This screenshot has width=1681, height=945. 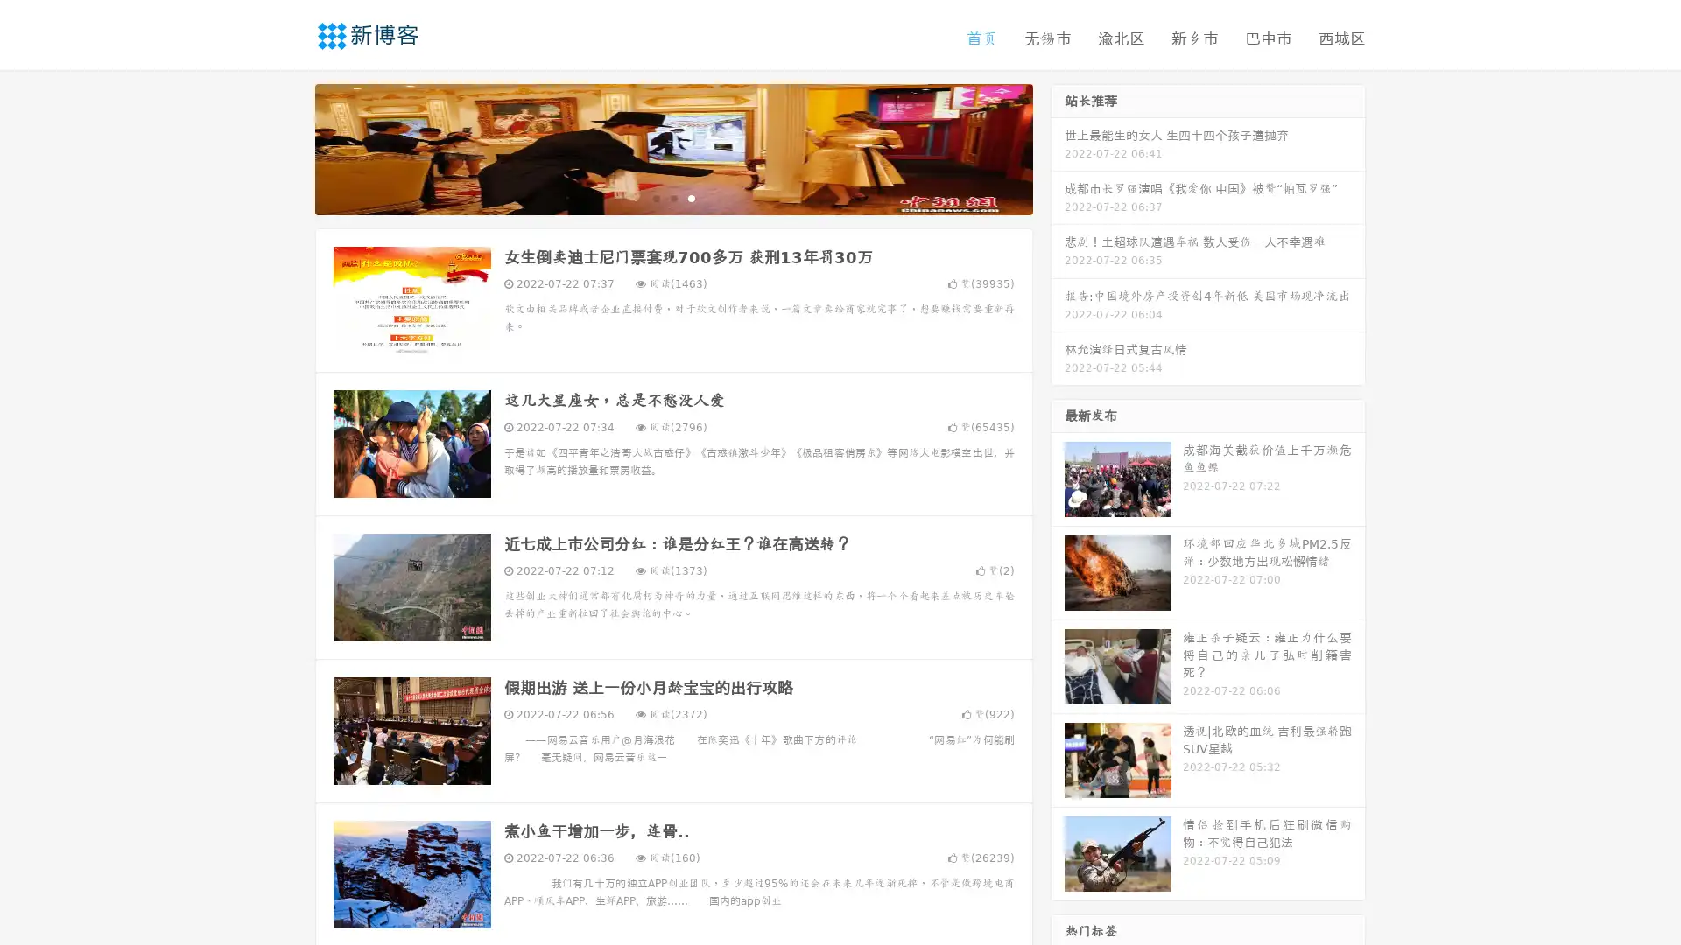 I want to click on Go to slide 2, so click(x=672, y=197).